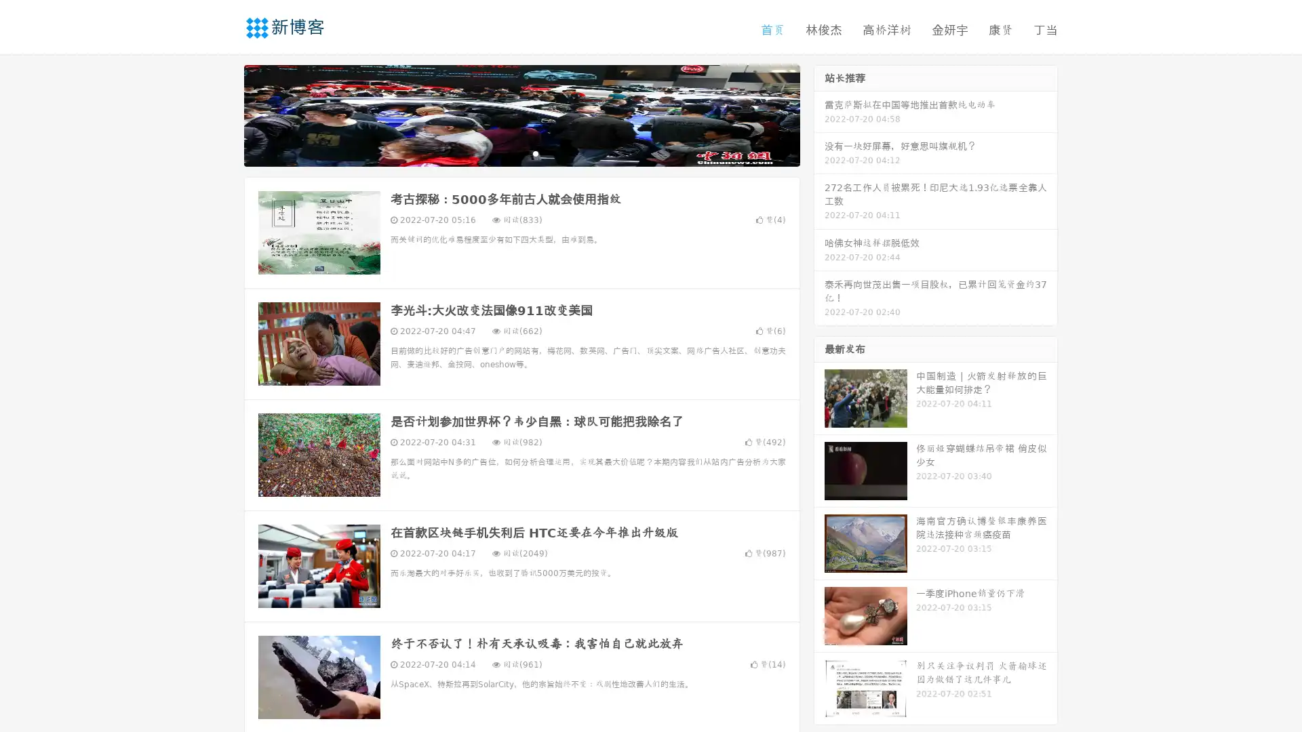 Image resolution: width=1302 pixels, height=732 pixels. What do you see at coordinates (819, 114) in the screenshot?
I see `Next slide` at bounding box center [819, 114].